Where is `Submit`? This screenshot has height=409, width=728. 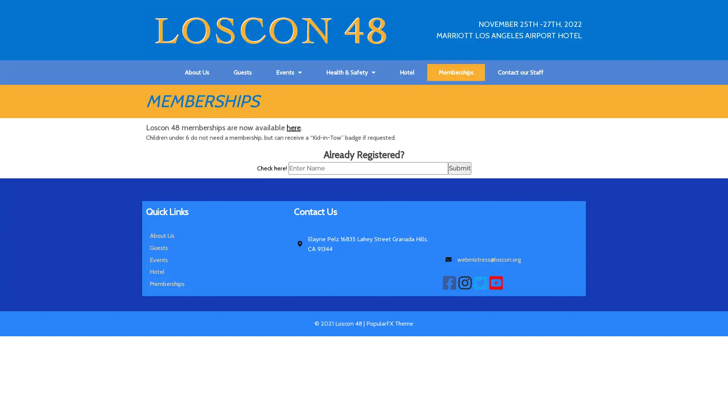
Submit is located at coordinates (459, 168).